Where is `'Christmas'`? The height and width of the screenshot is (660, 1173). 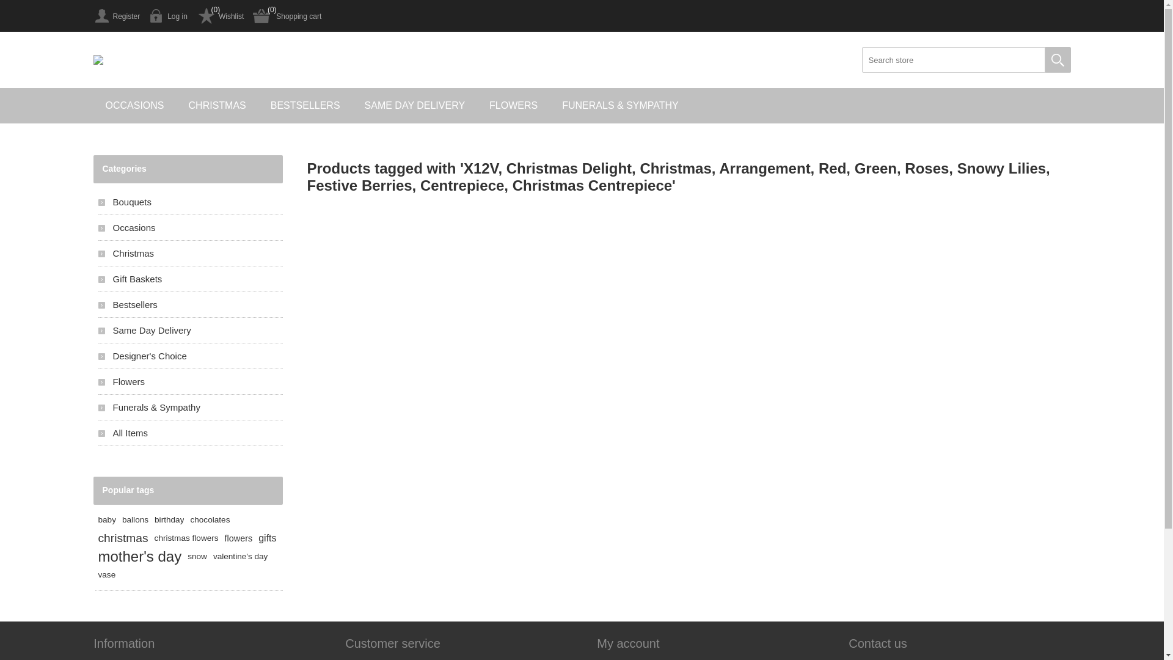
'Christmas' is located at coordinates (189, 252).